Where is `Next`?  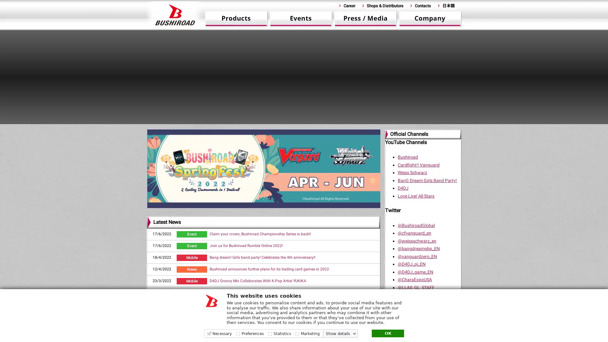 Next is located at coordinates (472, 73).